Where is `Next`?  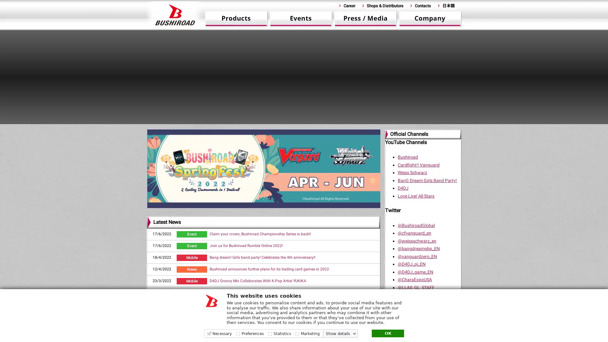 Next is located at coordinates (472, 73).